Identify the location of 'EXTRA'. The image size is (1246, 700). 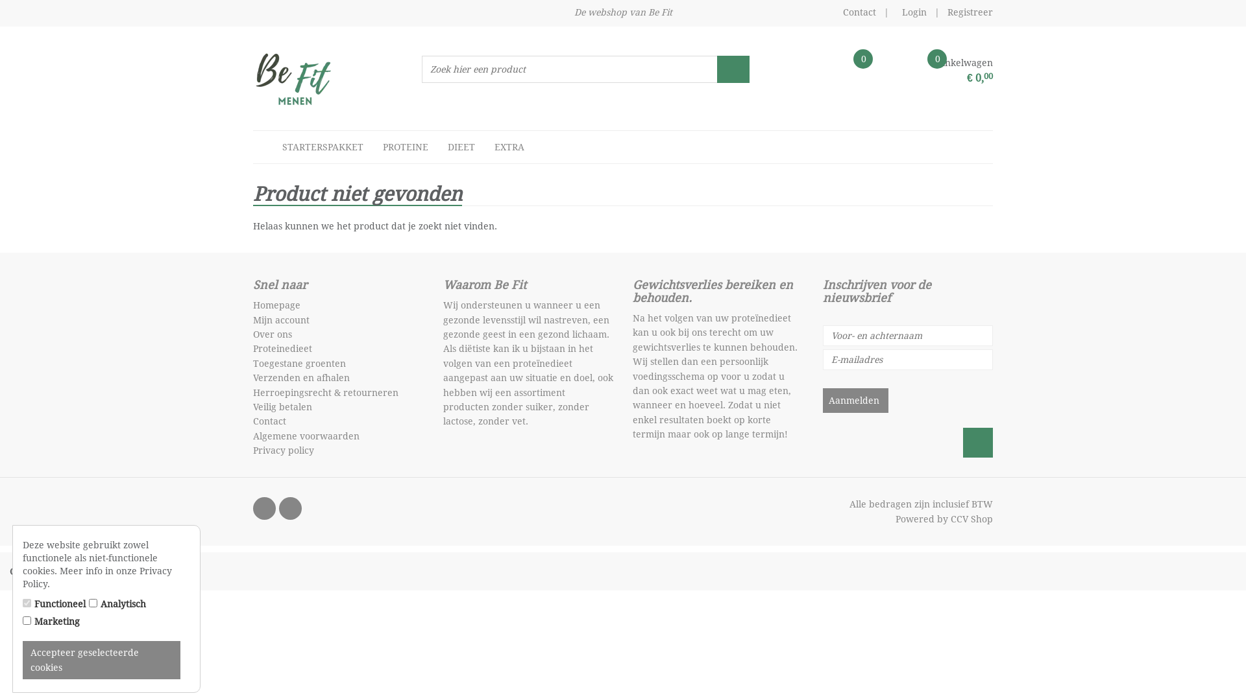
(509, 146).